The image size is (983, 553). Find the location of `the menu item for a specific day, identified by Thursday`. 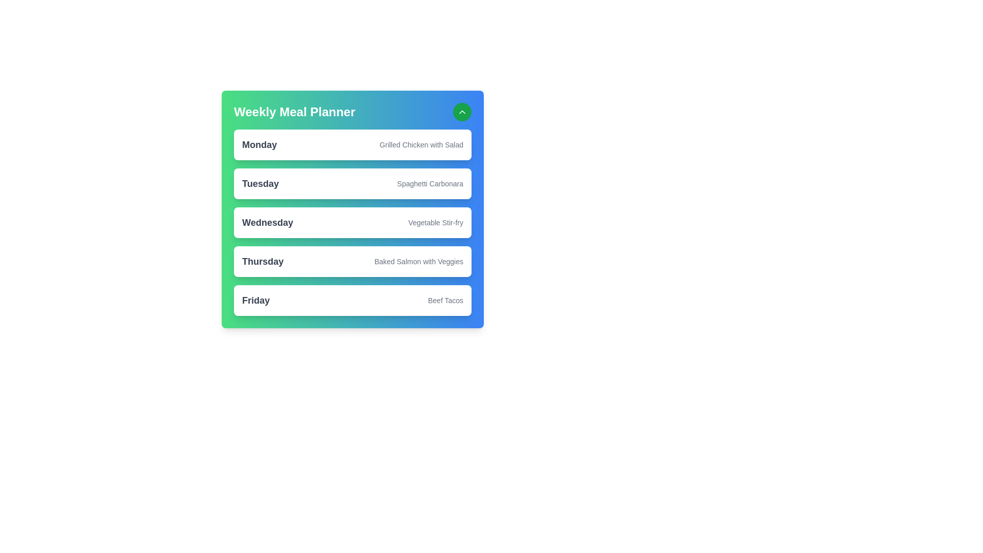

the menu item for a specific day, identified by Thursday is located at coordinates (263, 261).